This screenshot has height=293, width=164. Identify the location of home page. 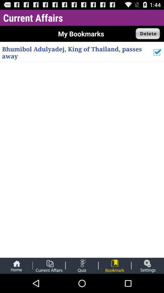
(16, 265).